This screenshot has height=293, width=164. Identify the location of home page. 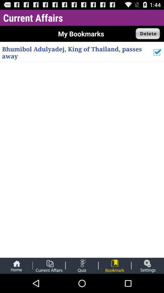
(16, 265).